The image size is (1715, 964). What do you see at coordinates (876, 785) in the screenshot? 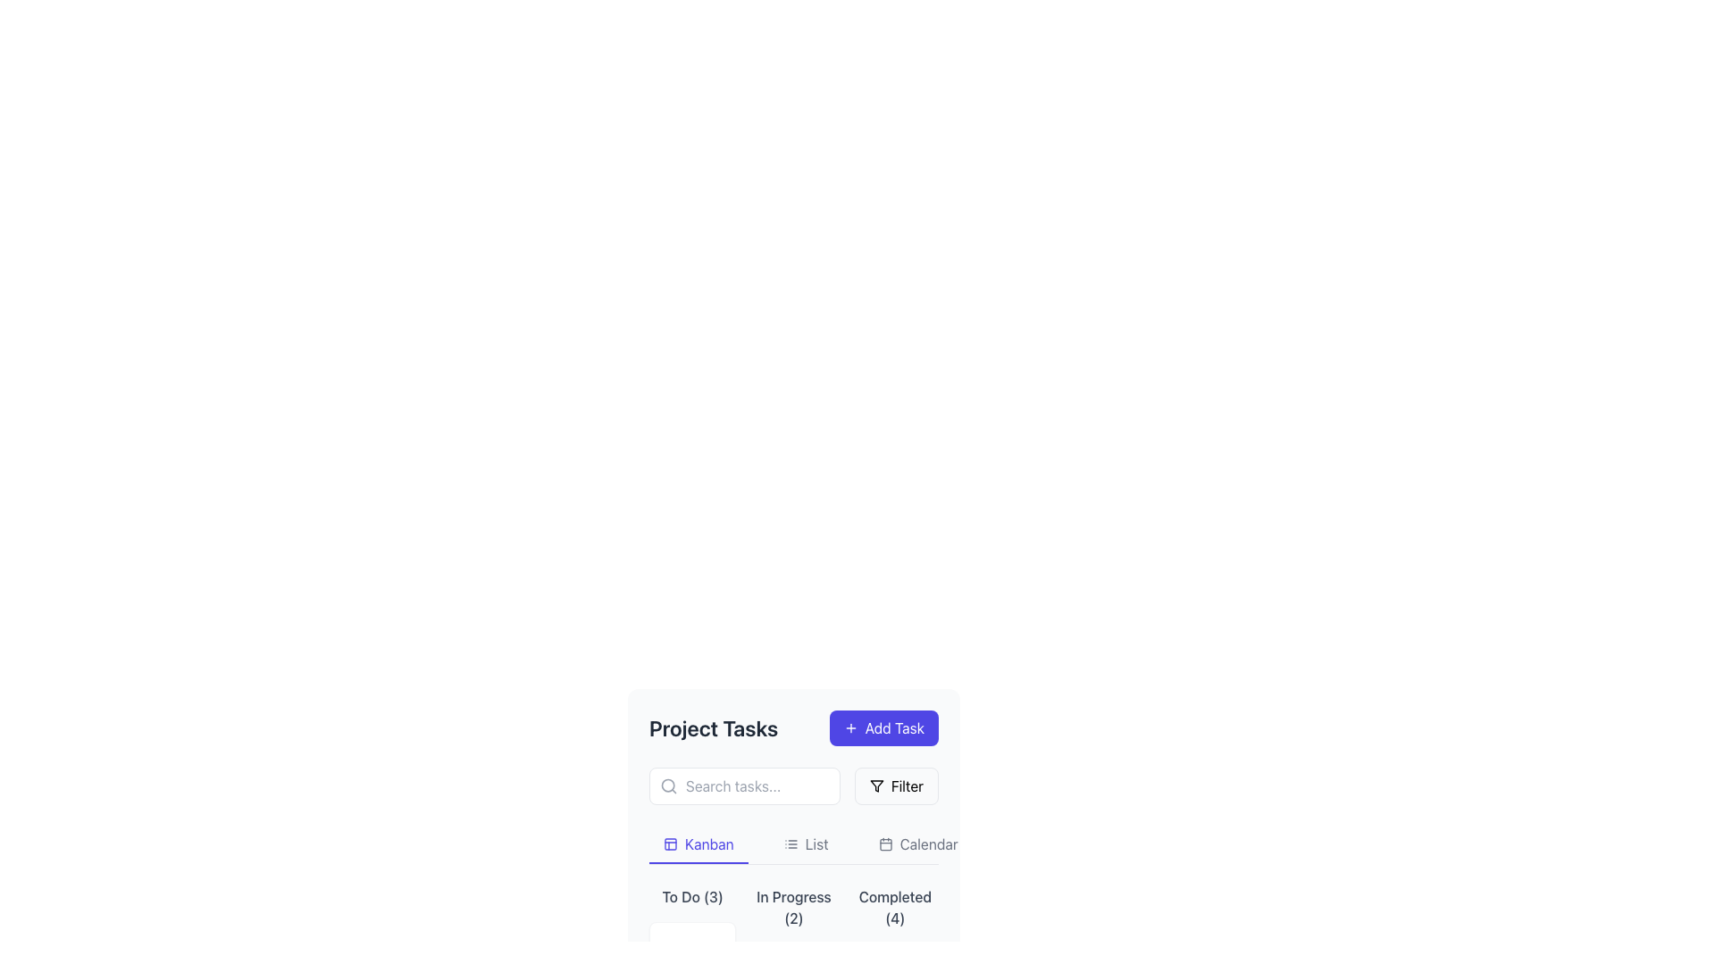
I see `the filtering icon inside the 'Filter' button located in the toolbar of the 'Project Tasks' section` at bounding box center [876, 785].